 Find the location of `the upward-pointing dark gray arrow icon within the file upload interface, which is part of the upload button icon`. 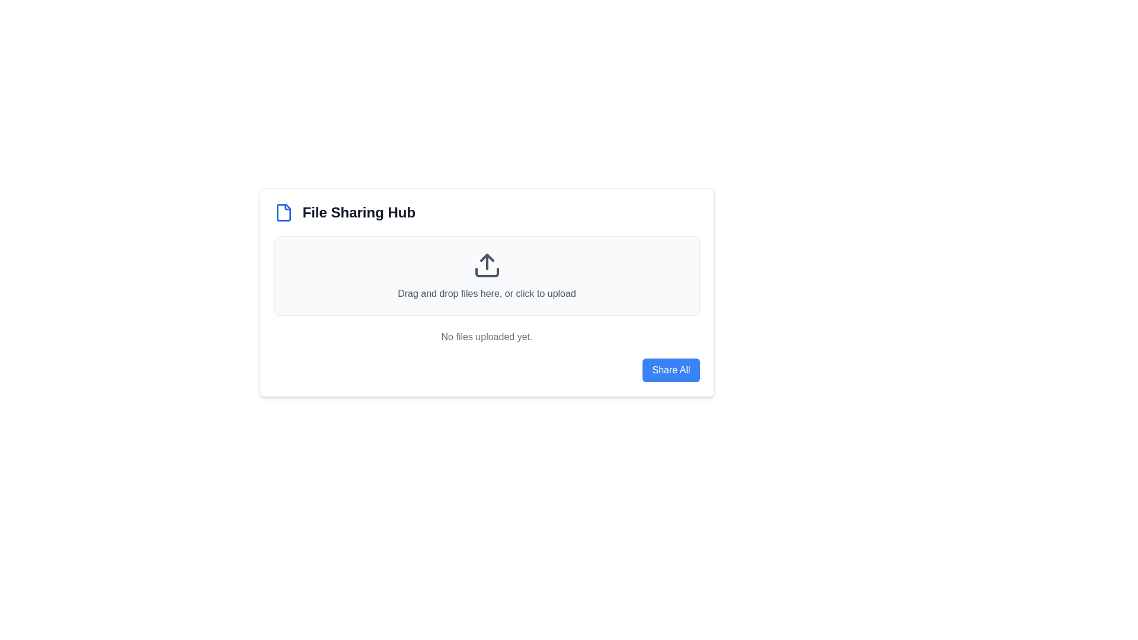

the upward-pointing dark gray arrow icon within the file upload interface, which is part of the upload button icon is located at coordinates (487, 257).